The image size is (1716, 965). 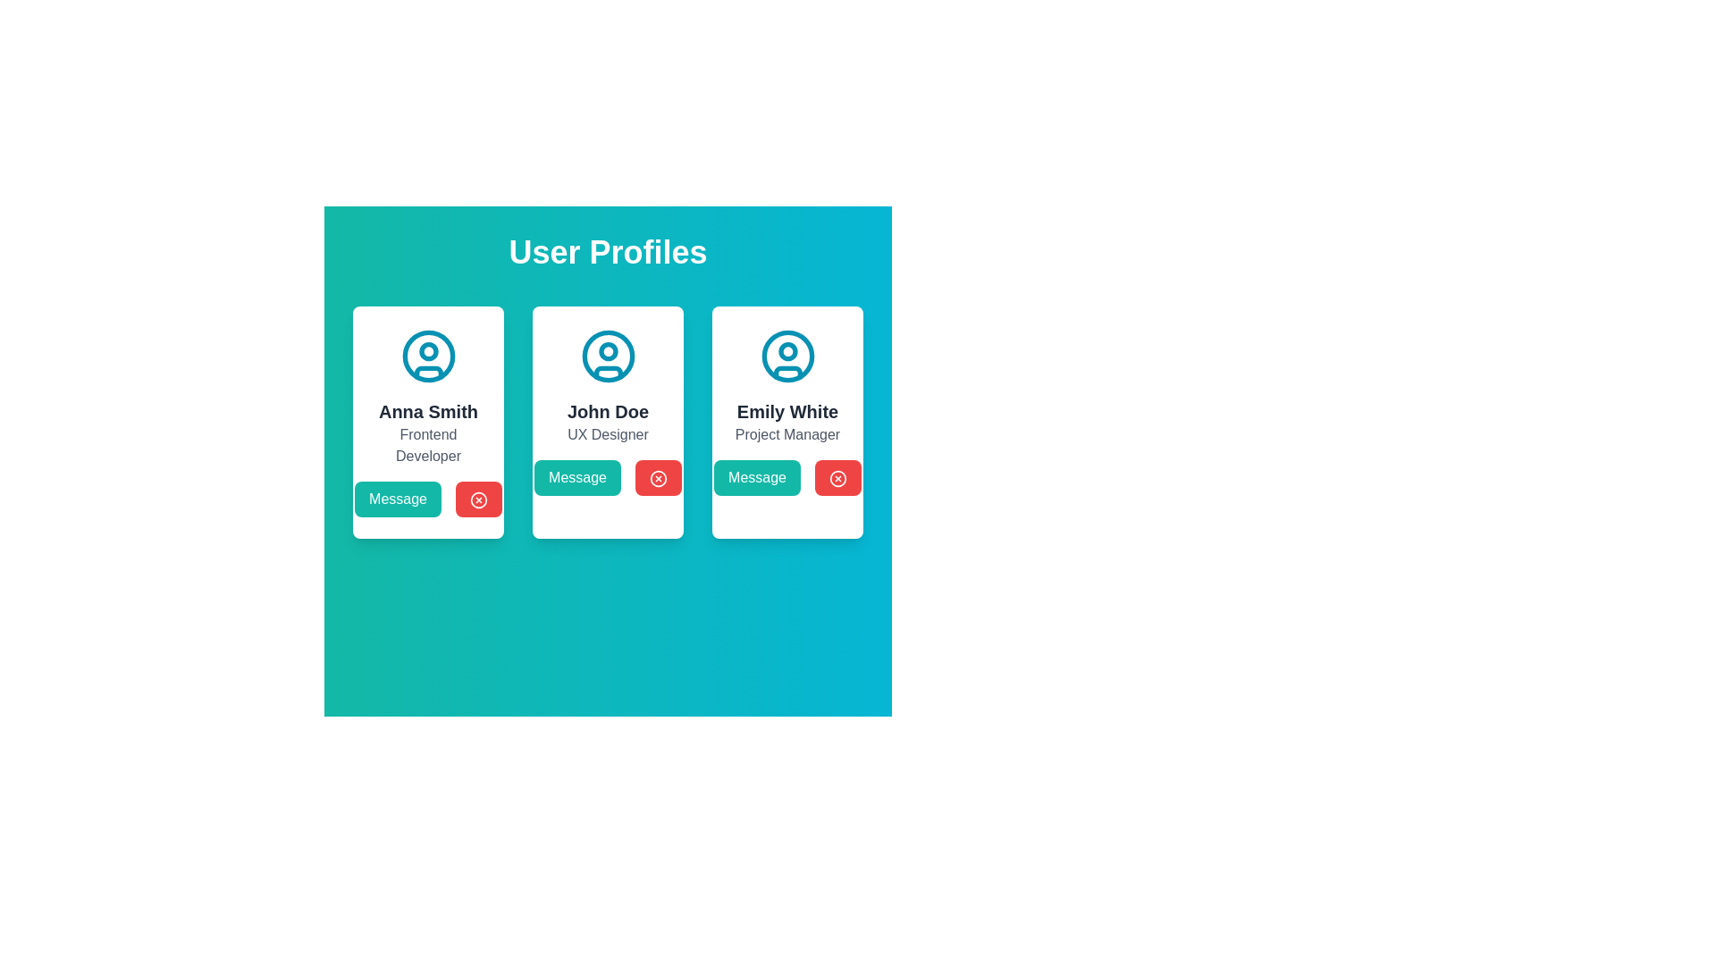 I want to click on the smaller circular graphic element located at the top center of the user avatar icon for 'Anna Smith' in the profile card, so click(x=427, y=351).